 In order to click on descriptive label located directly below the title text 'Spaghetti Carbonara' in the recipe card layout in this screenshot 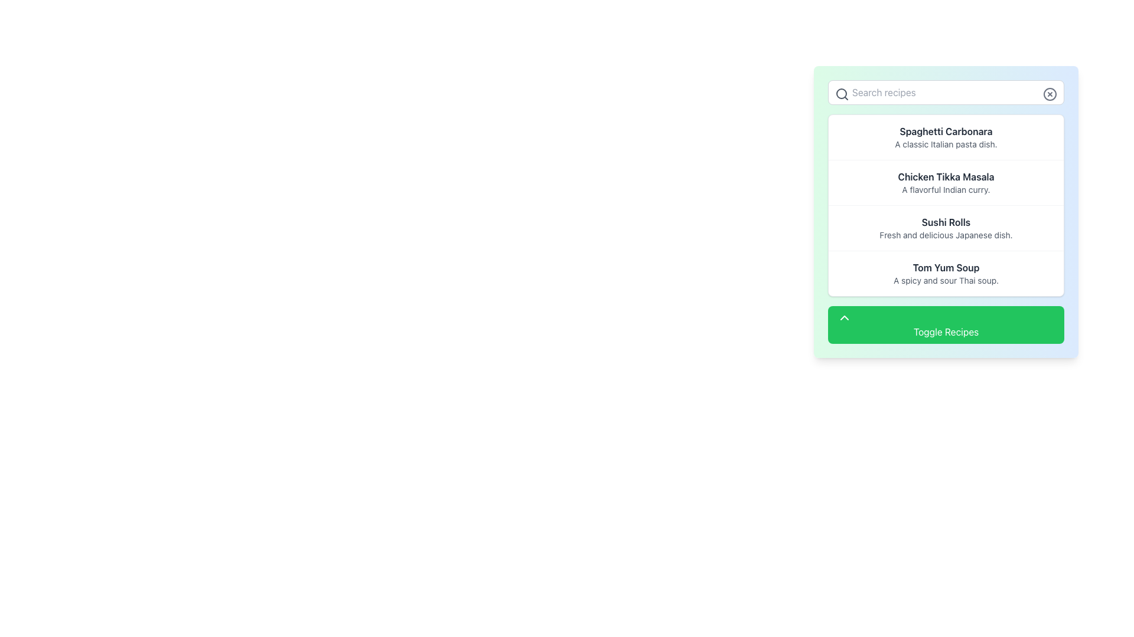, I will do `click(946, 144)`.